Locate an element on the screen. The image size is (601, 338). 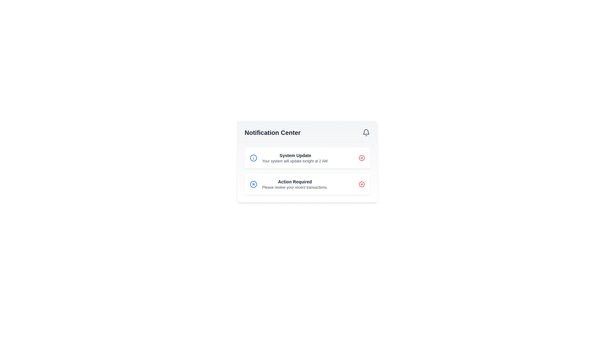
text label displaying 'System Update' in bold font style located at the top of the notification in the Notification Center is located at coordinates (295, 155).